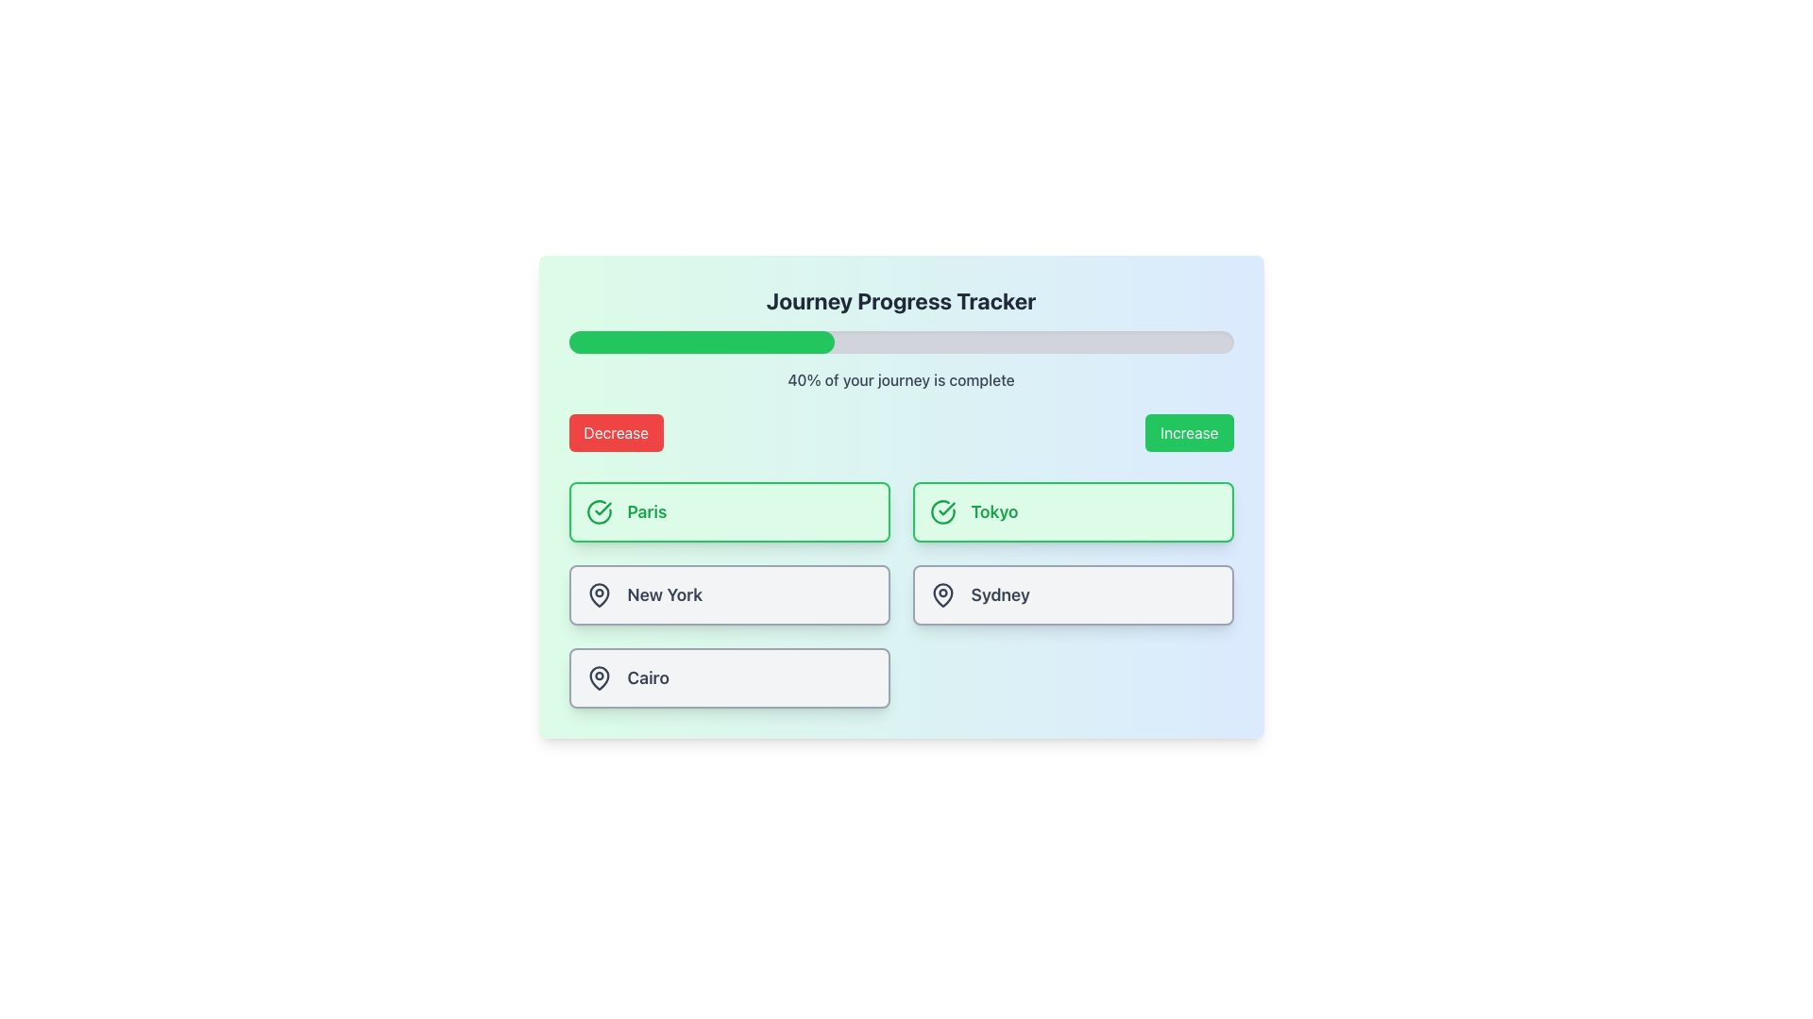 This screenshot has height=1019, width=1813. I want to click on the geographic location marker icon associated with the 'New York' label, which is positioned in the second row of the layout, to the left of 'Sydney' and below 'Paris', so click(598, 595).